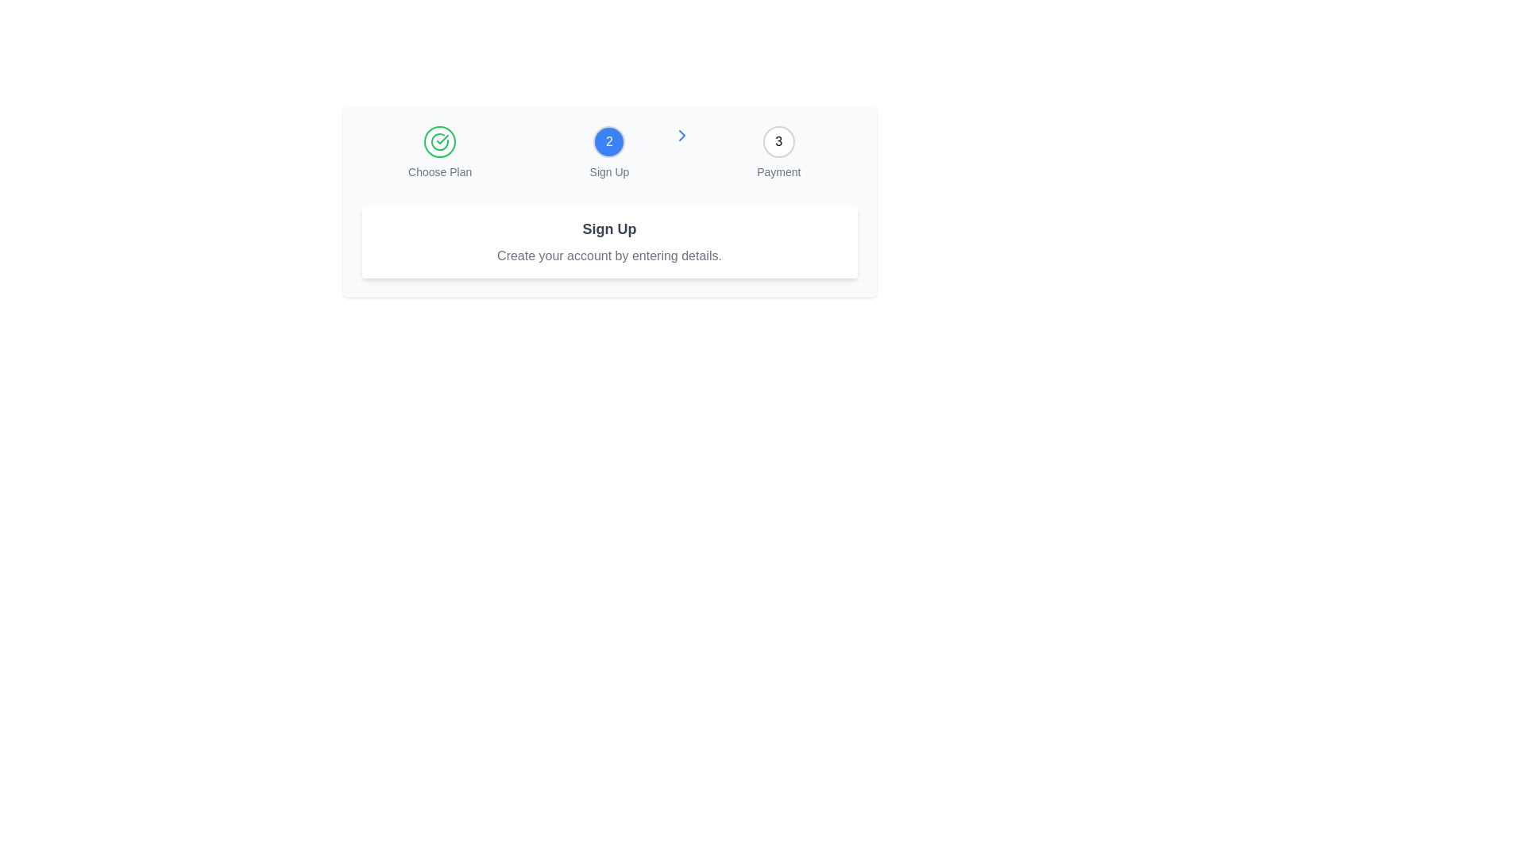 The width and height of the screenshot is (1525, 857). Describe the element at coordinates (608, 152) in the screenshot. I see `the Step Indicator with Navigation Icon` at that location.